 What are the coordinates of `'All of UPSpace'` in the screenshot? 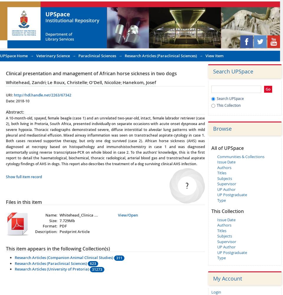 It's located at (227, 148).